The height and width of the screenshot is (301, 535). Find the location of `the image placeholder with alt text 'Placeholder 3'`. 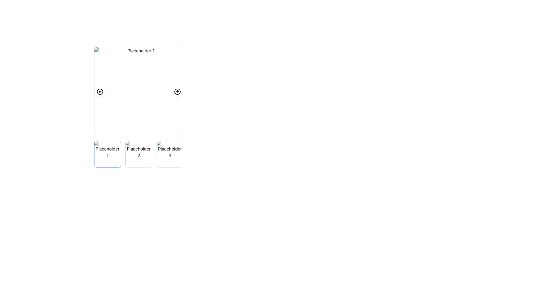

the image placeholder with alt text 'Placeholder 3' is located at coordinates (169, 154).